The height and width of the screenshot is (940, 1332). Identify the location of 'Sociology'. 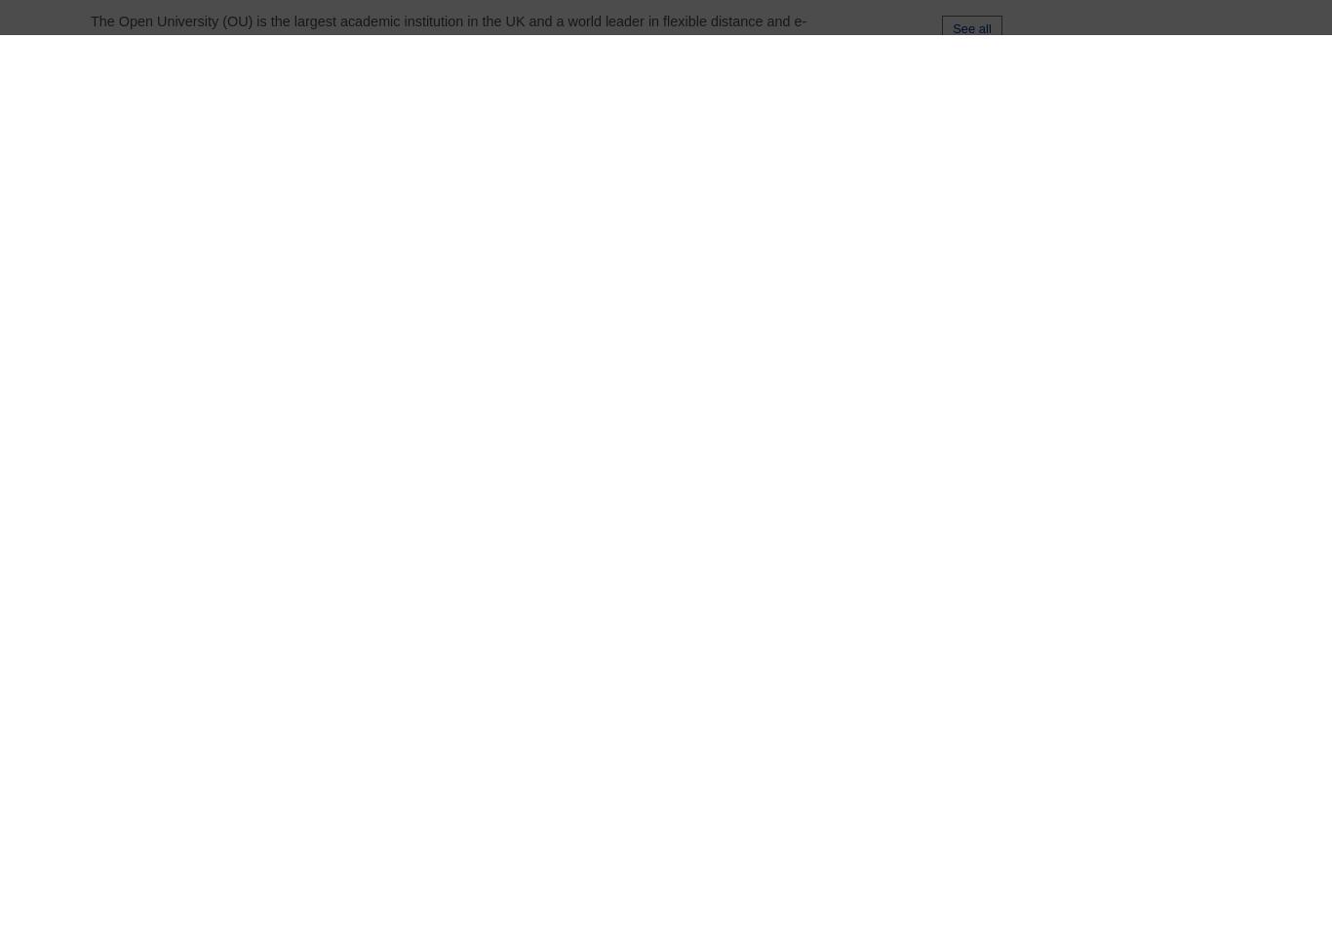
(658, 709).